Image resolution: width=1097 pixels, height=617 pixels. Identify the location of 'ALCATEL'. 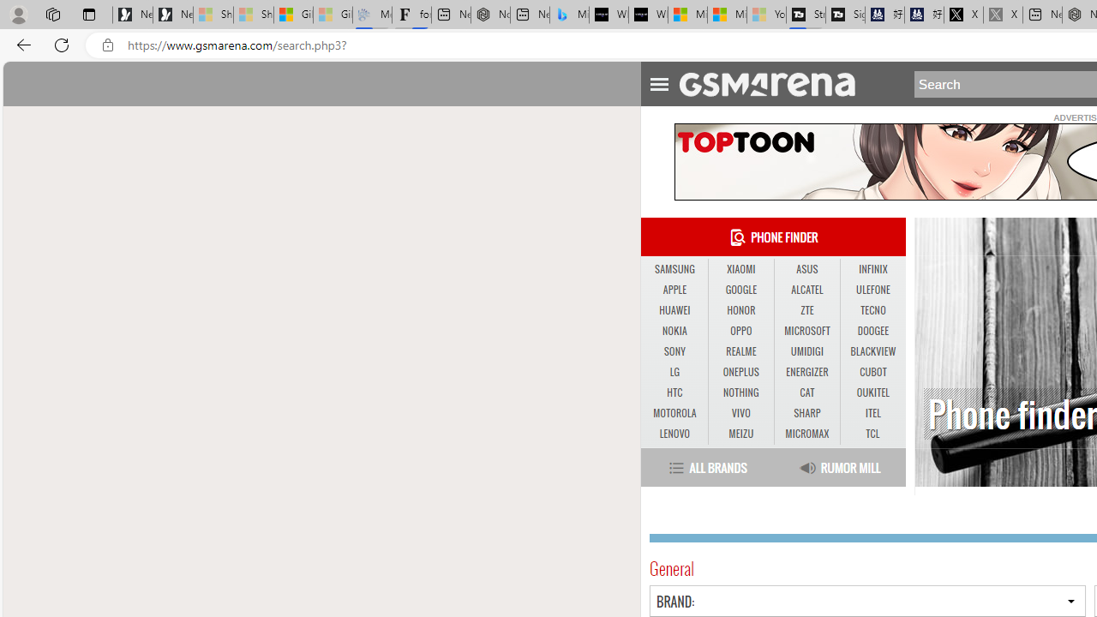
(806, 290).